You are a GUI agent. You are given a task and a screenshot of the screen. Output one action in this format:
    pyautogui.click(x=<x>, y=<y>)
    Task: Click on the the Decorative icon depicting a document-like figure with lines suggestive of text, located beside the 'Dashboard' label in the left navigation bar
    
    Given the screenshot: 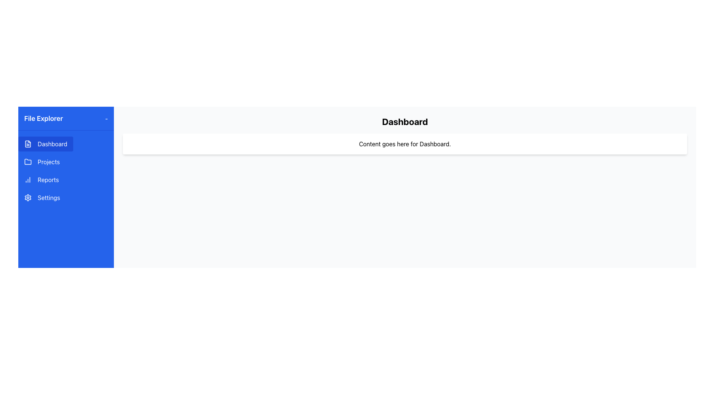 What is the action you would take?
    pyautogui.click(x=28, y=144)
    